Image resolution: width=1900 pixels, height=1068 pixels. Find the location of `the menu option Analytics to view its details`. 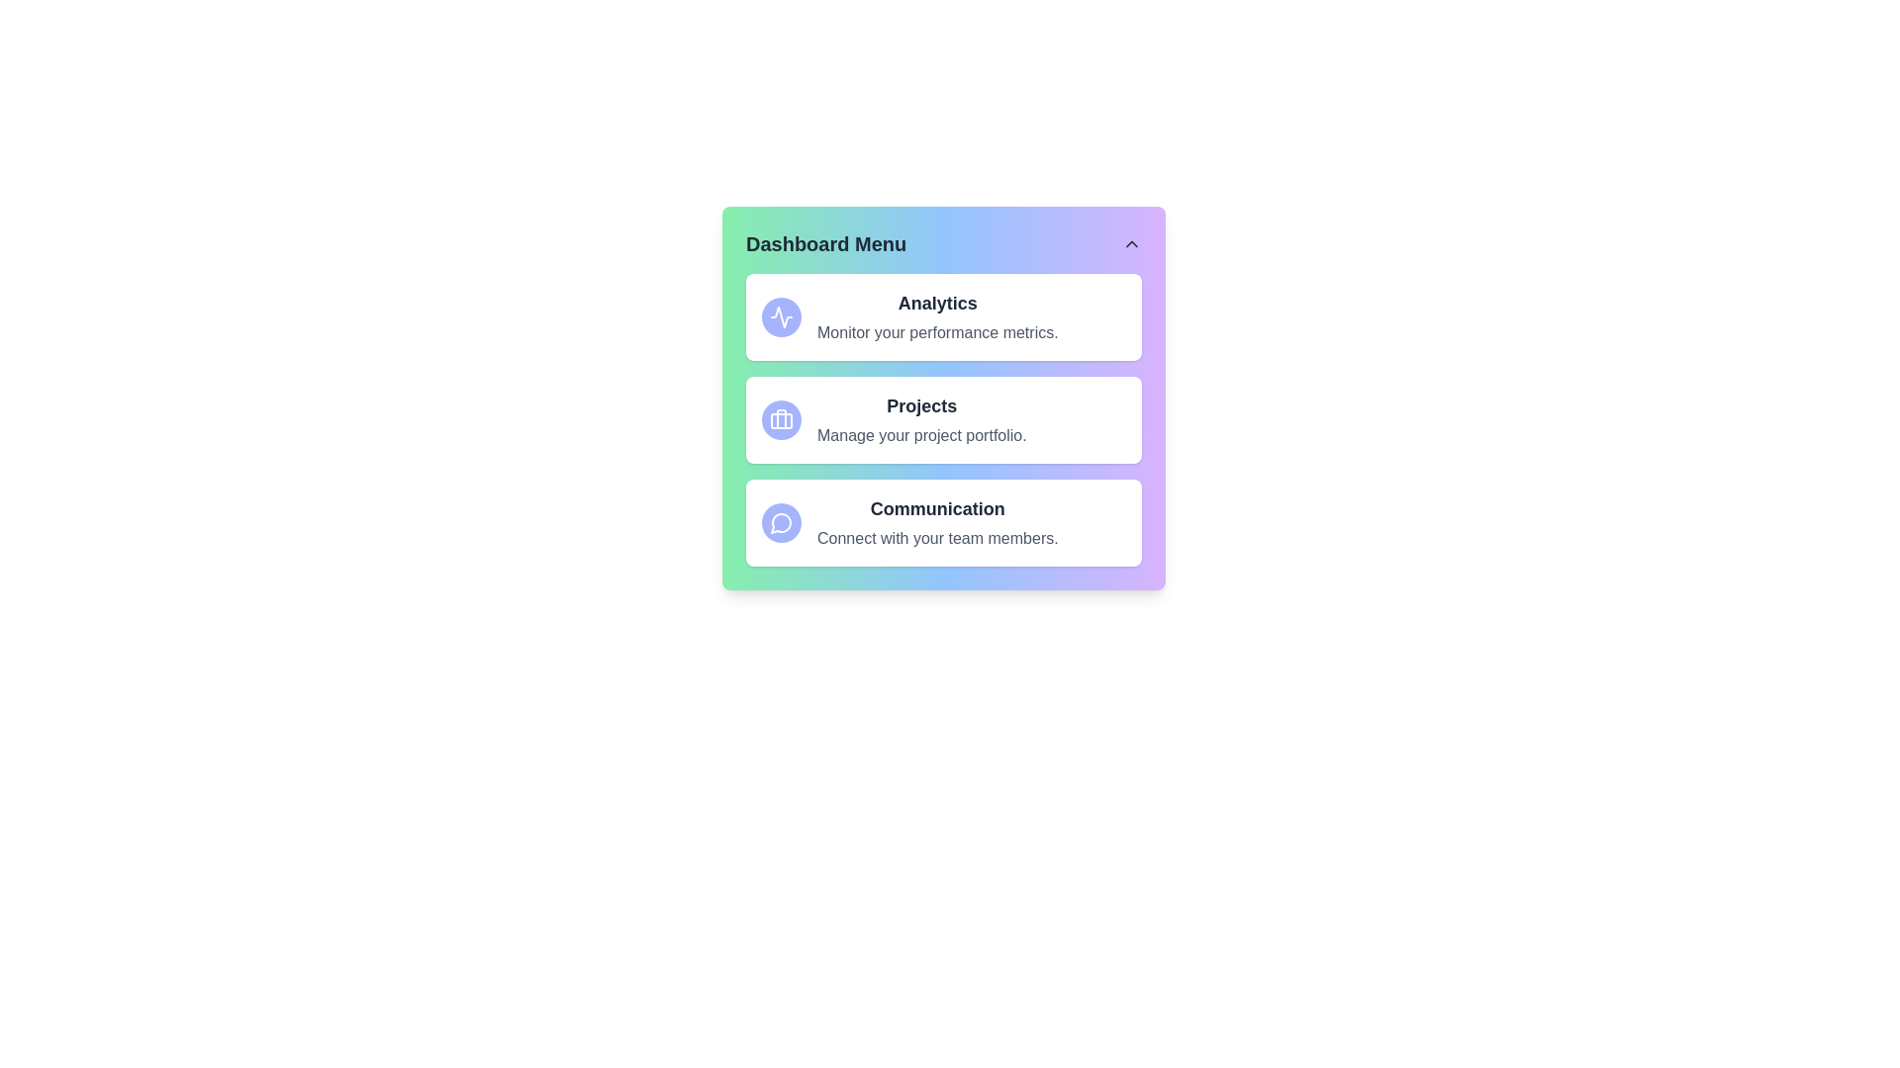

the menu option Analytics to view its details is located at coordinates (943, 315).